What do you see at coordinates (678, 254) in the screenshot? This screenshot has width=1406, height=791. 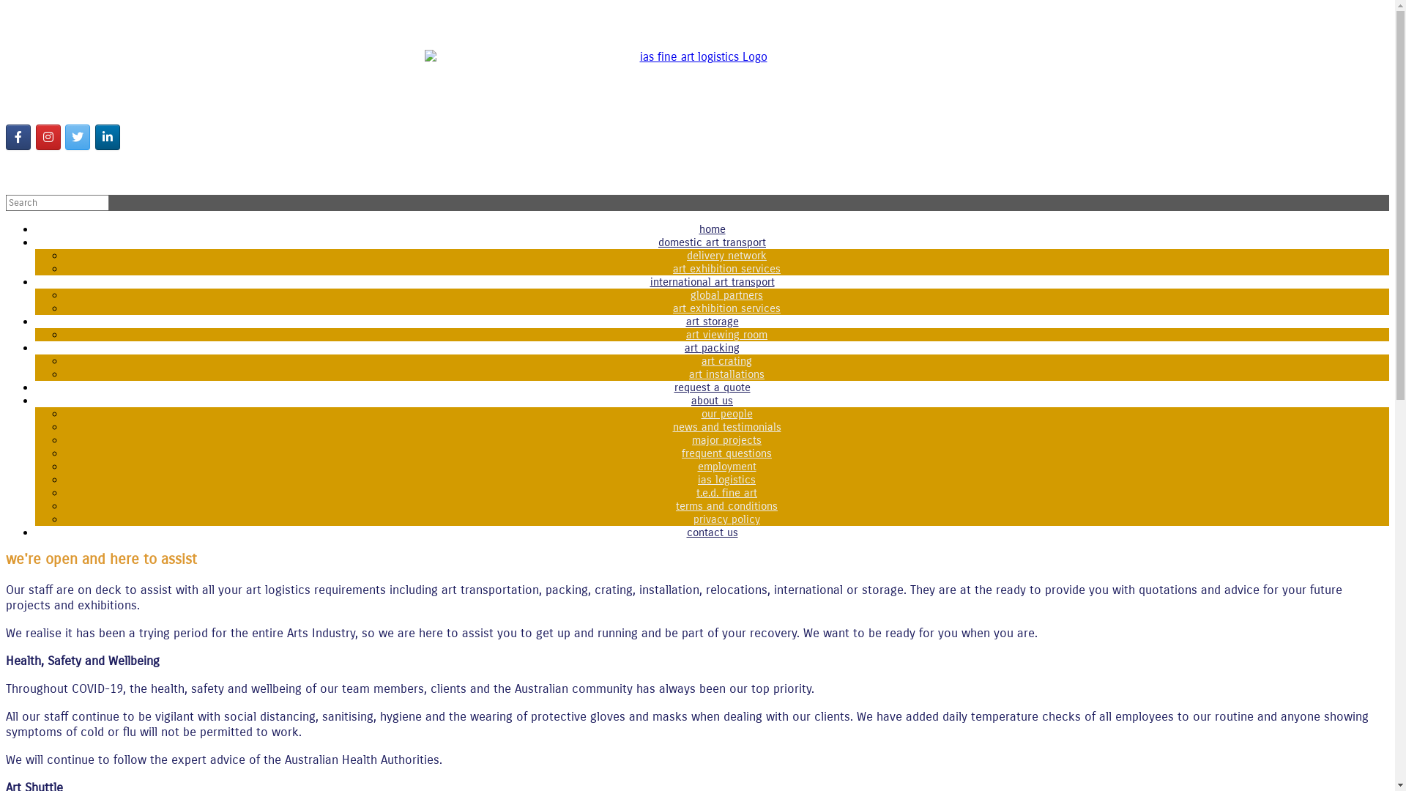 I see `'delivery network'` at bounding box center [678, 254].